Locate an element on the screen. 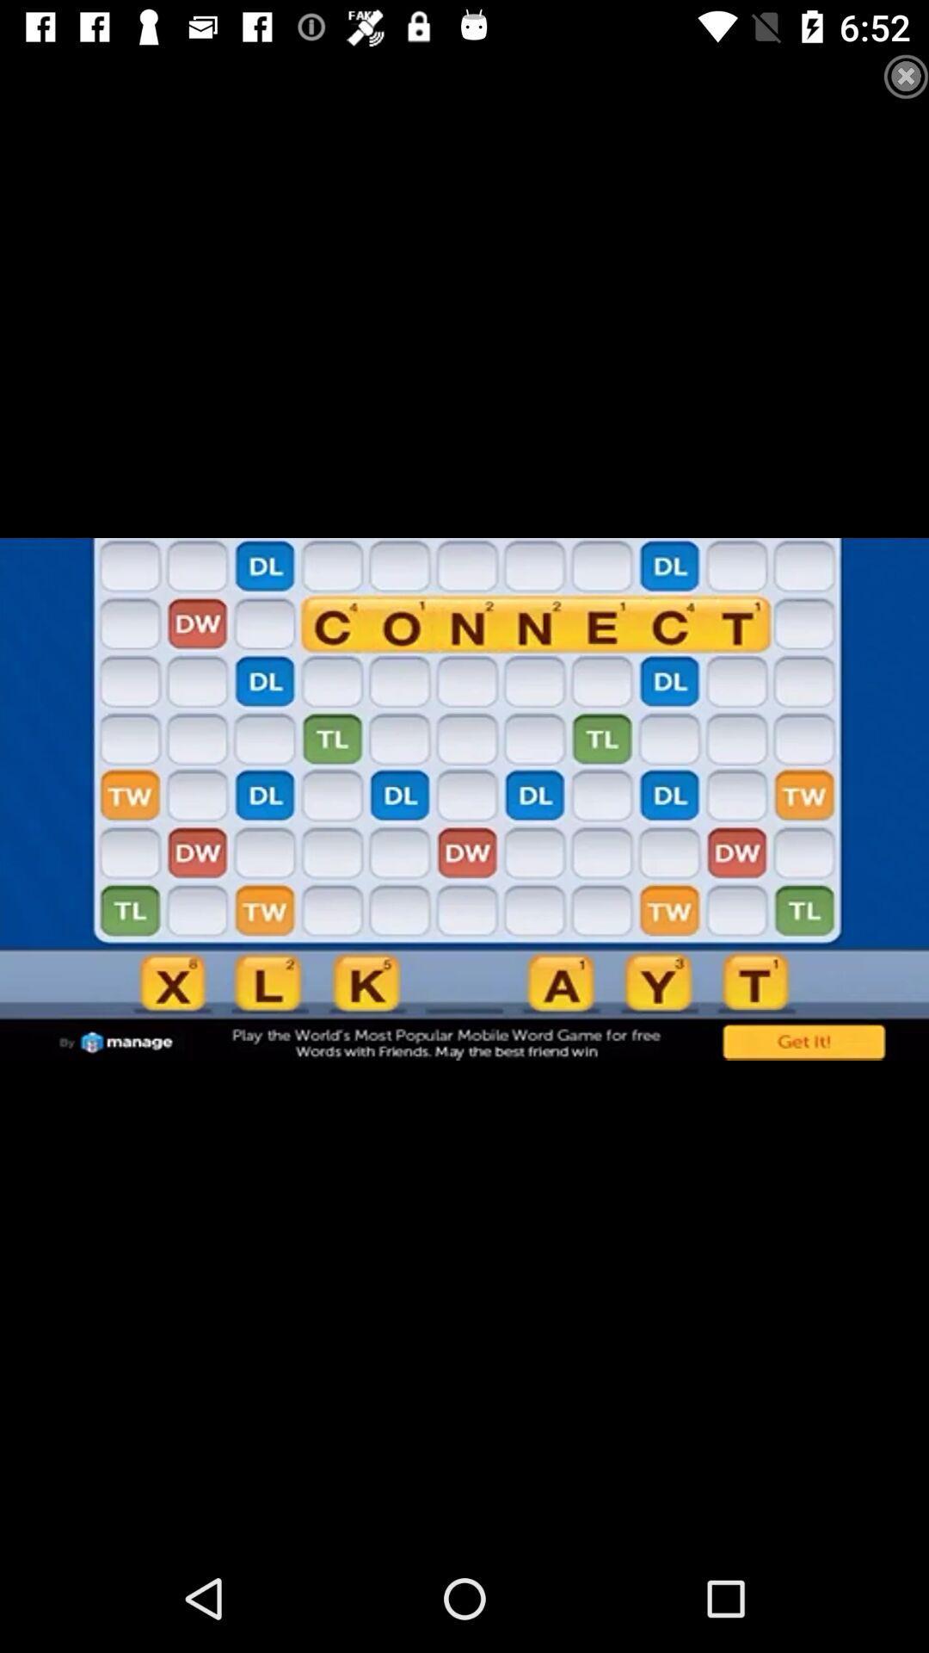  the close icon is located at coordinates (889, 92).